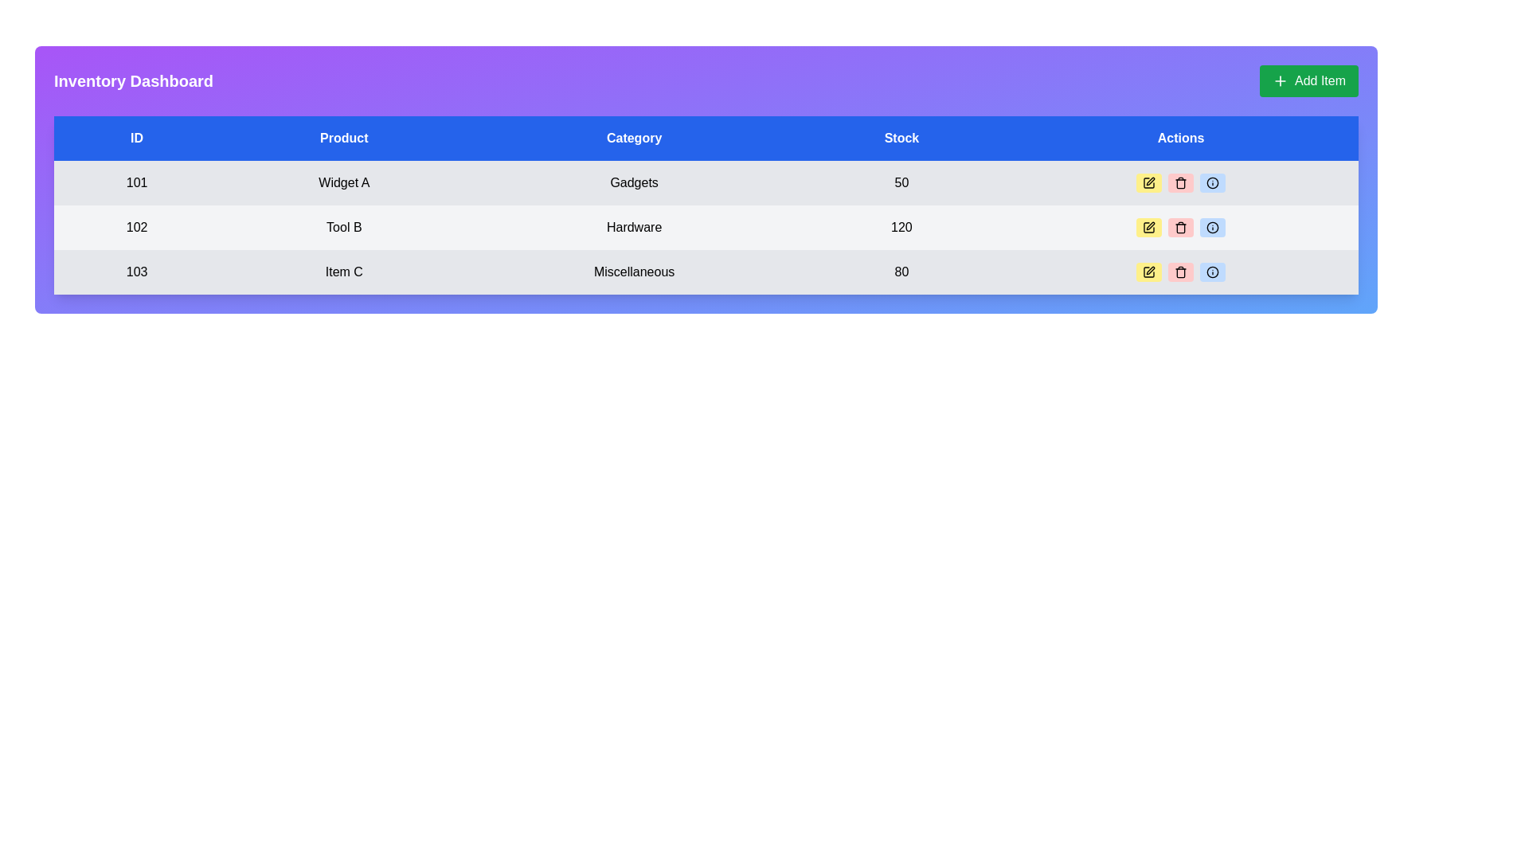 The image size is (1529, 860). What do you see at coordinates (901, 182) in the screenshot?
I see `the stock quantity data cell in the fourth column of the first data row under the 'Stock' column, which represents the quantity for 'Gadgets'` at bounding box center [901, 182].